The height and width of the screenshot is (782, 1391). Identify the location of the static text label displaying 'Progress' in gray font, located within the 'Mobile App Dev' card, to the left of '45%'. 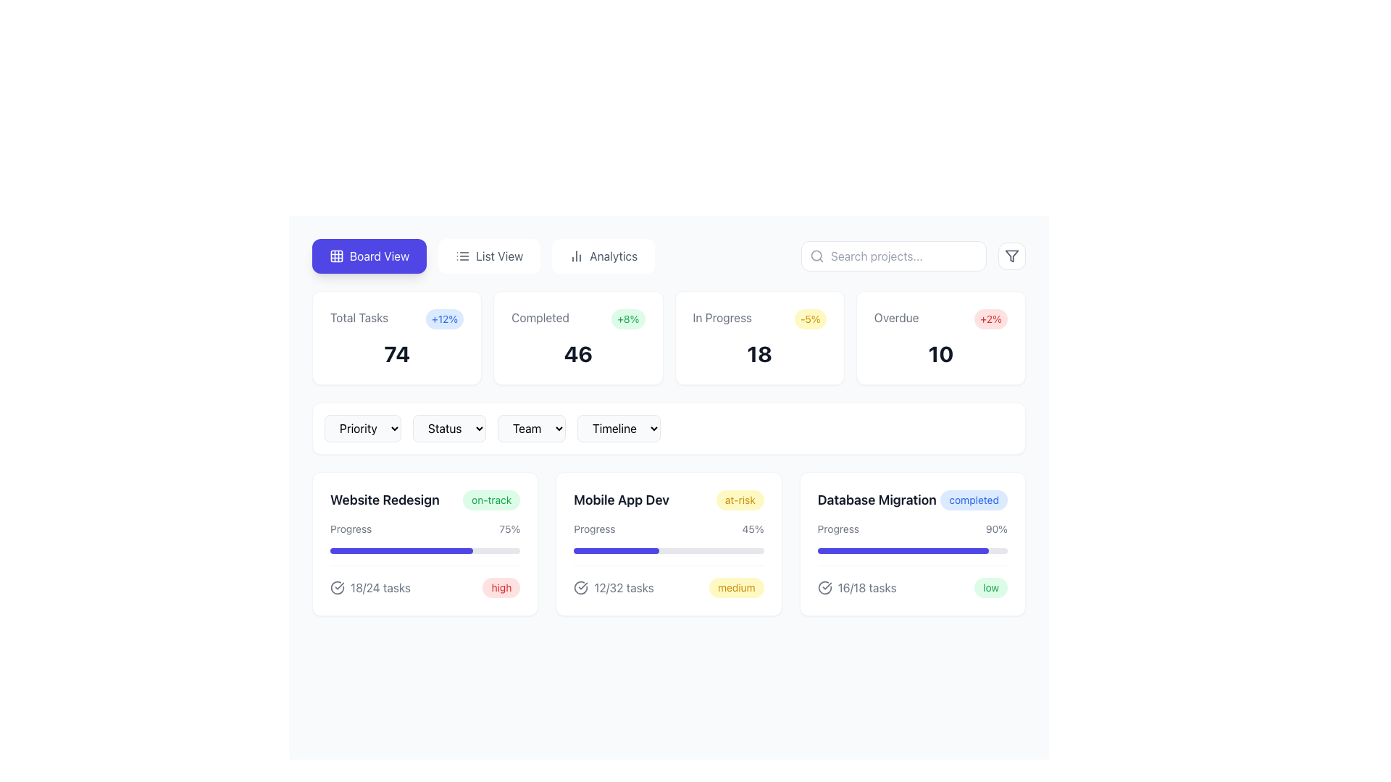
(594, 529).